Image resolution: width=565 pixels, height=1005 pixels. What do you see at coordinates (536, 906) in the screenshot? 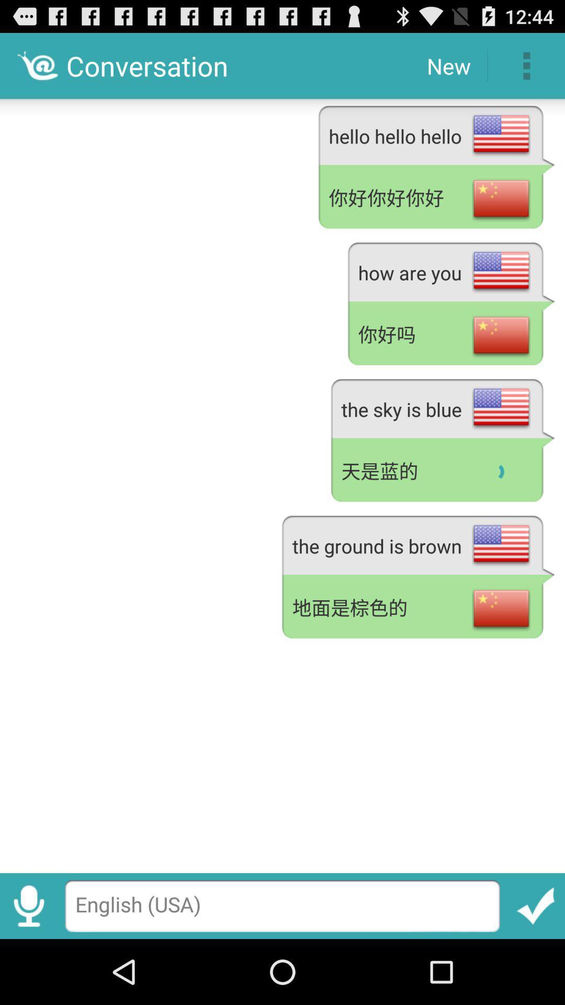
I see `translate text` at bounding box center [536, 906].